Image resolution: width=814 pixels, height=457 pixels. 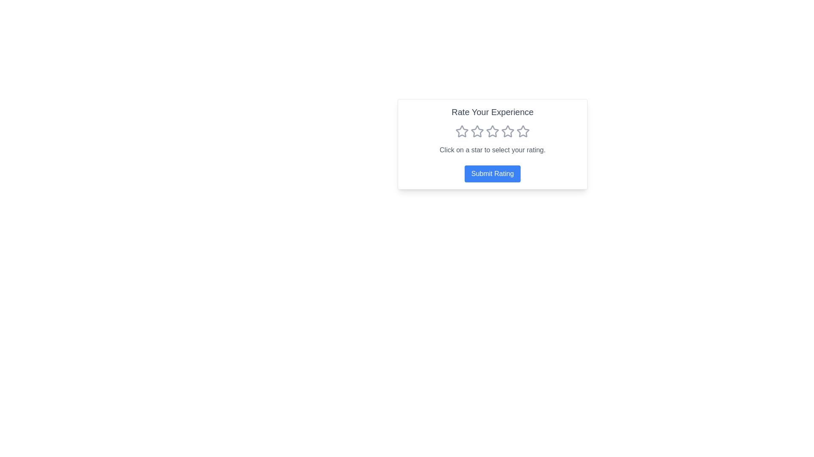 I want to click on the fourth star in the rating system to indicate a rating of four out of five, so click(x=508, y=131).